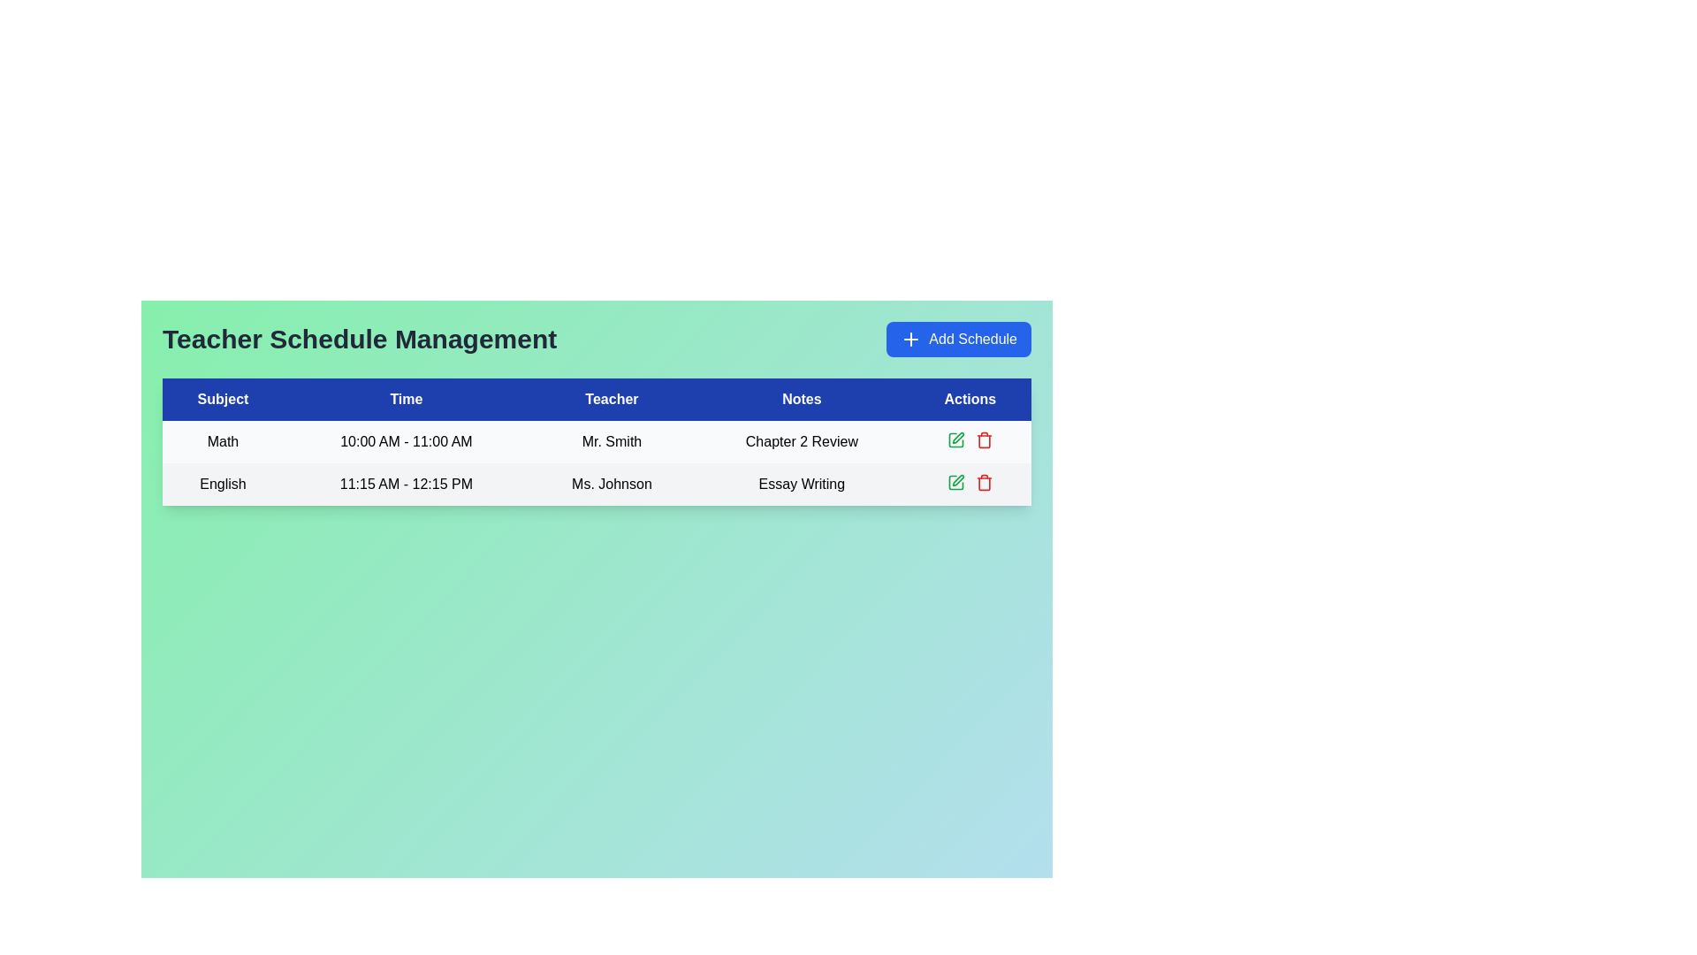 The height and width of the screenshot is (955, 1697). I want to click on the text label displaying '10:00 AM - 11:00 AM' in the schedule table for the subject 'Math', so click(405, 441).